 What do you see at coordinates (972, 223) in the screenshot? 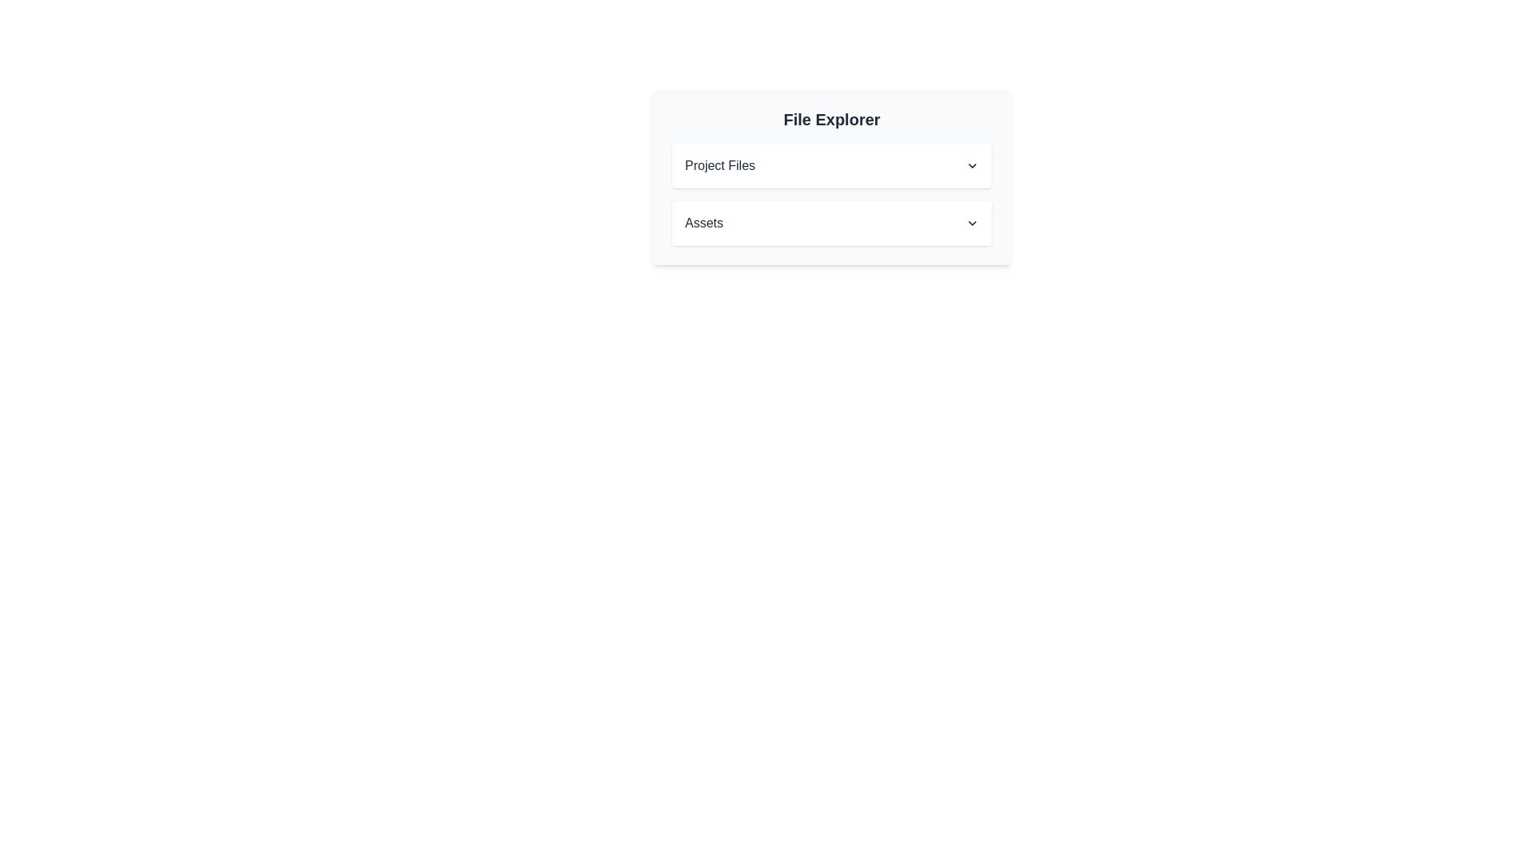
I see `the IconButton (chevron-down icon) located to the right of the 'Assets' label` at bounding box center [972, 223].